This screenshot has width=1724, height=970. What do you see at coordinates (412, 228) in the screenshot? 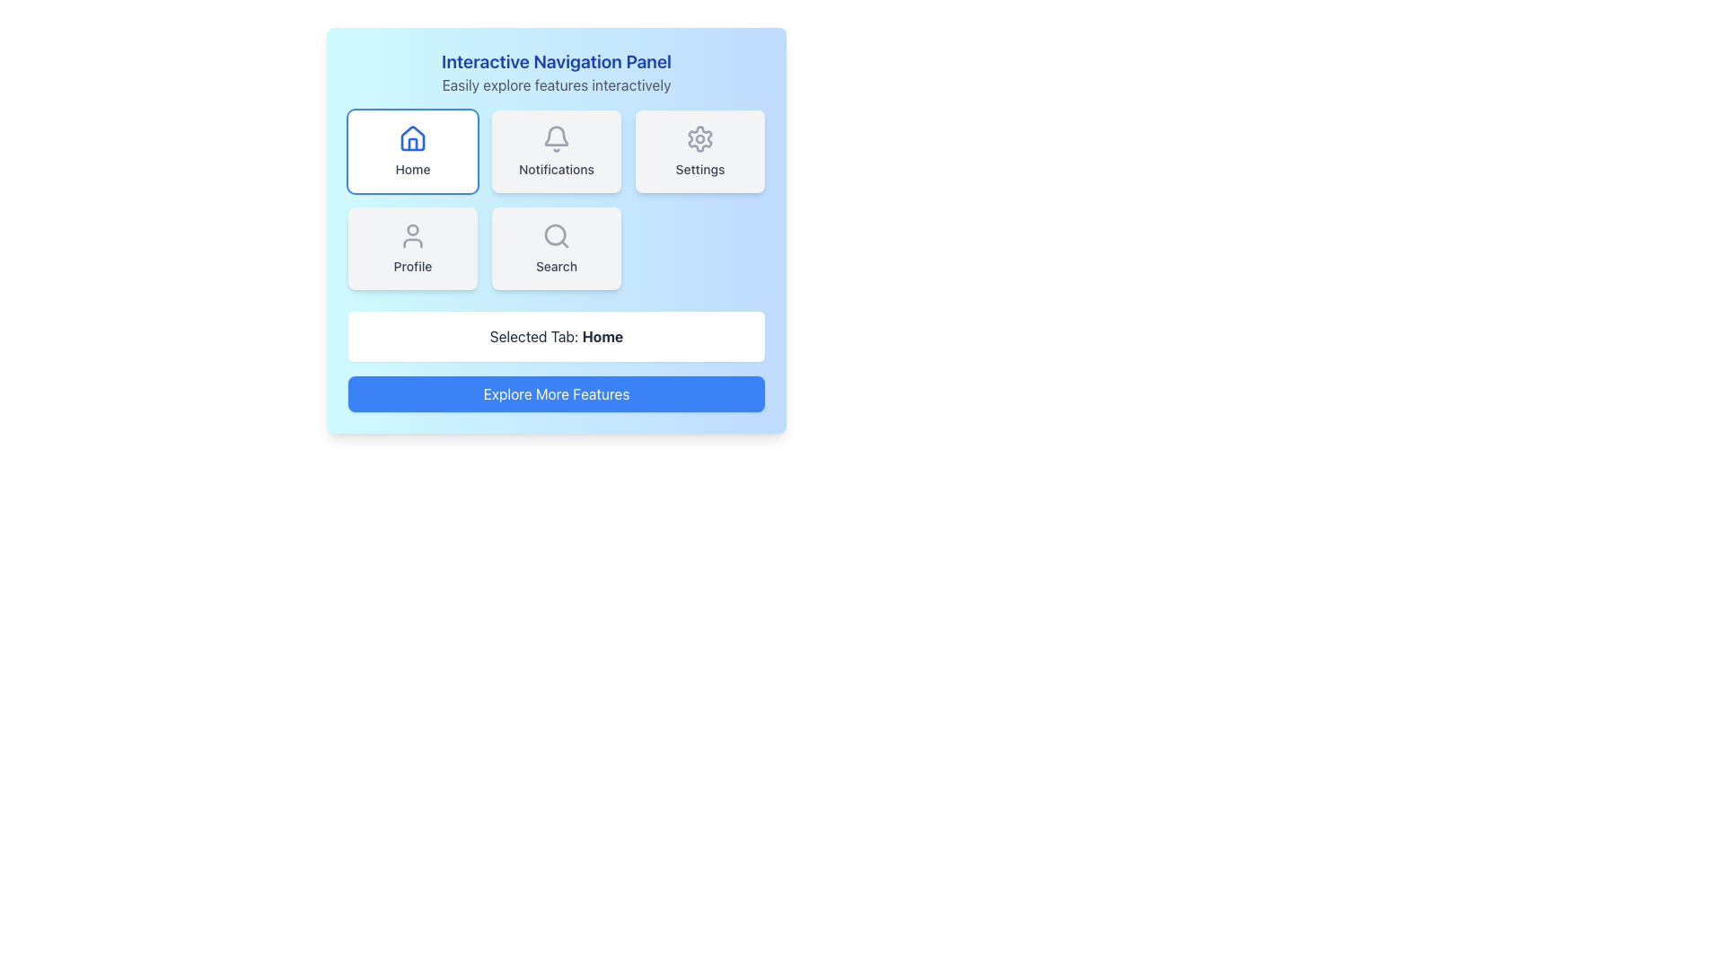
I see `the upper-center circular graphic of the user-profile icon located below the 'Profile' label within the profile tab button` at bounding box center [412, 228].